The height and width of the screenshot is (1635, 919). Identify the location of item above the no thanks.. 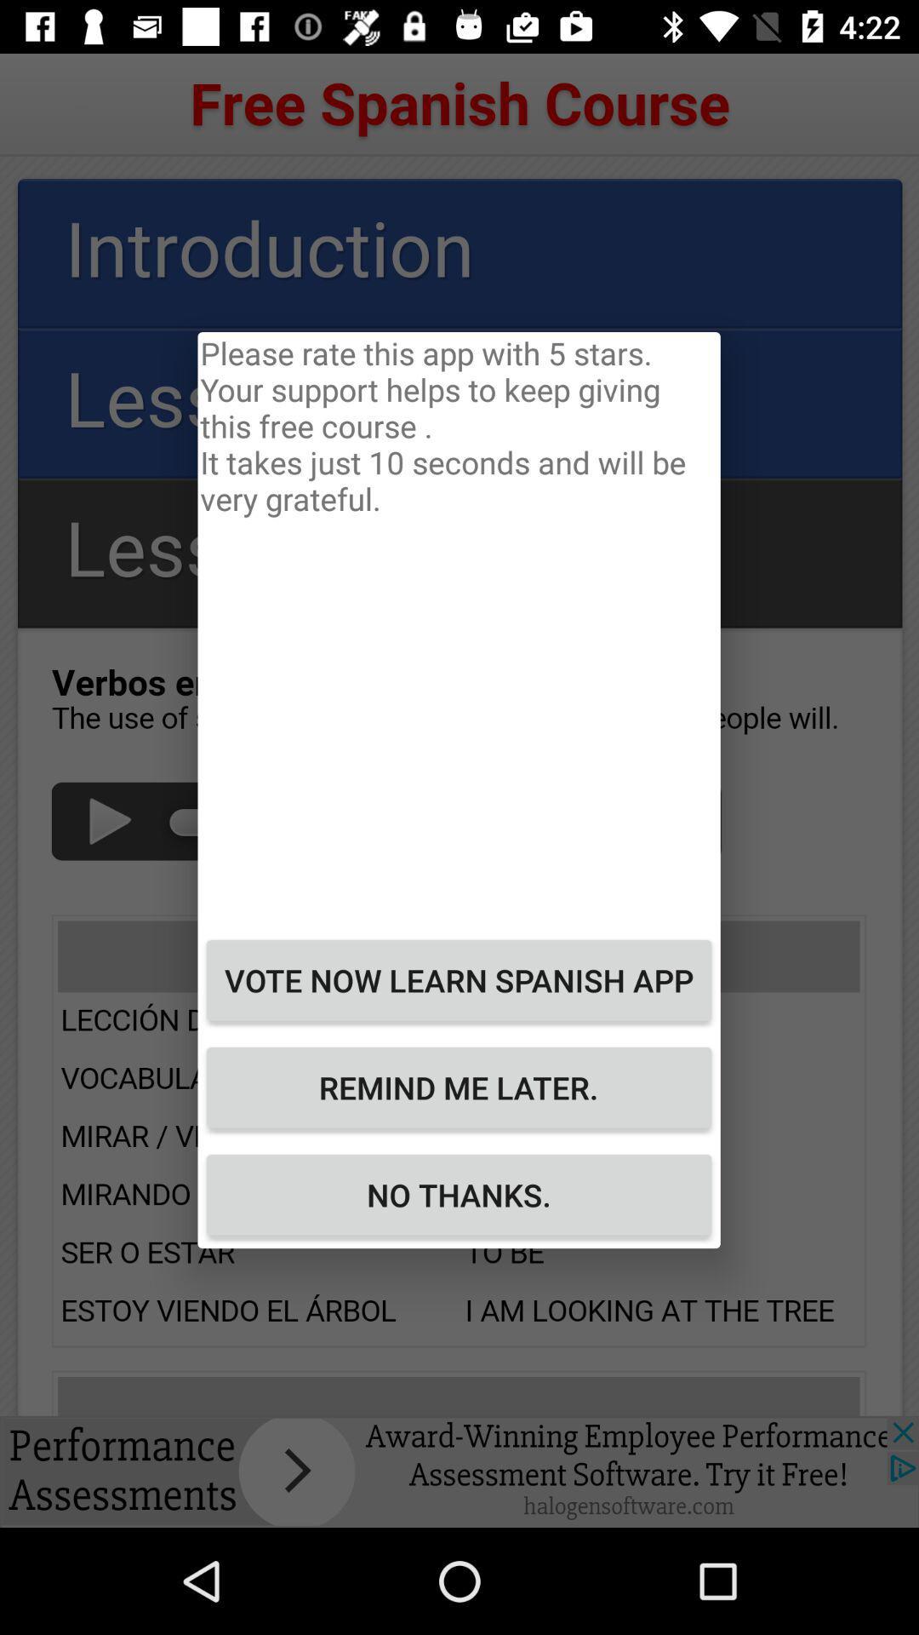
(458, 1087).